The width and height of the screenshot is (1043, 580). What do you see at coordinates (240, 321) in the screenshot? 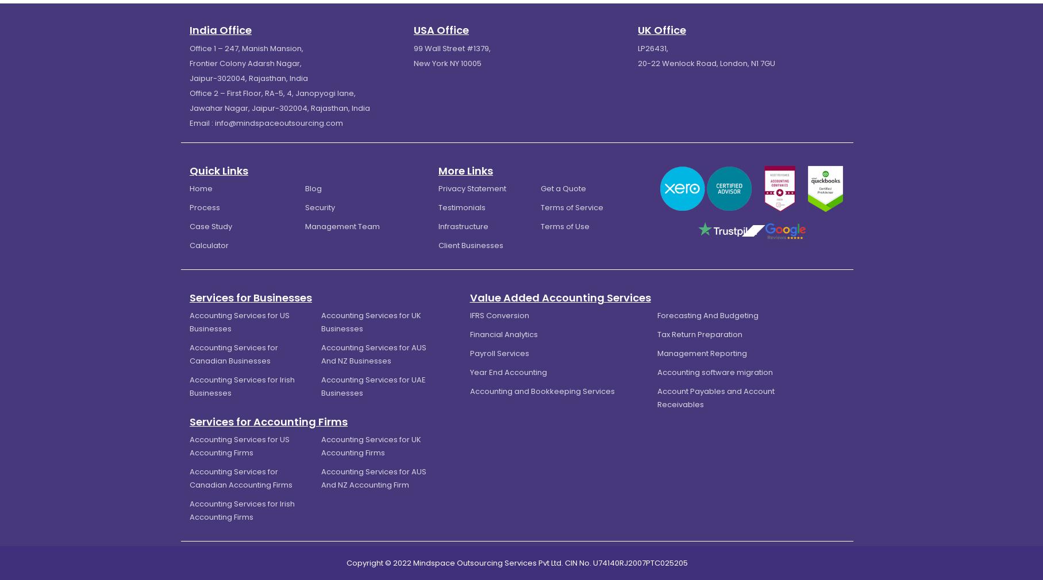
I see `'Accounting Services for US Businesses'` at bounding box center [240, 321].